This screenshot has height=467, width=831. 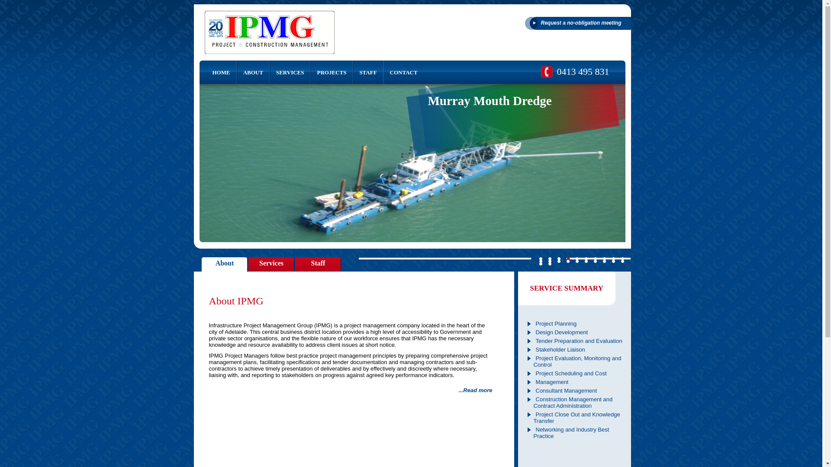 What do you see at coordinates (602, 261) in the screenshot?
I see `'18'` at bounding box center [602, 261].